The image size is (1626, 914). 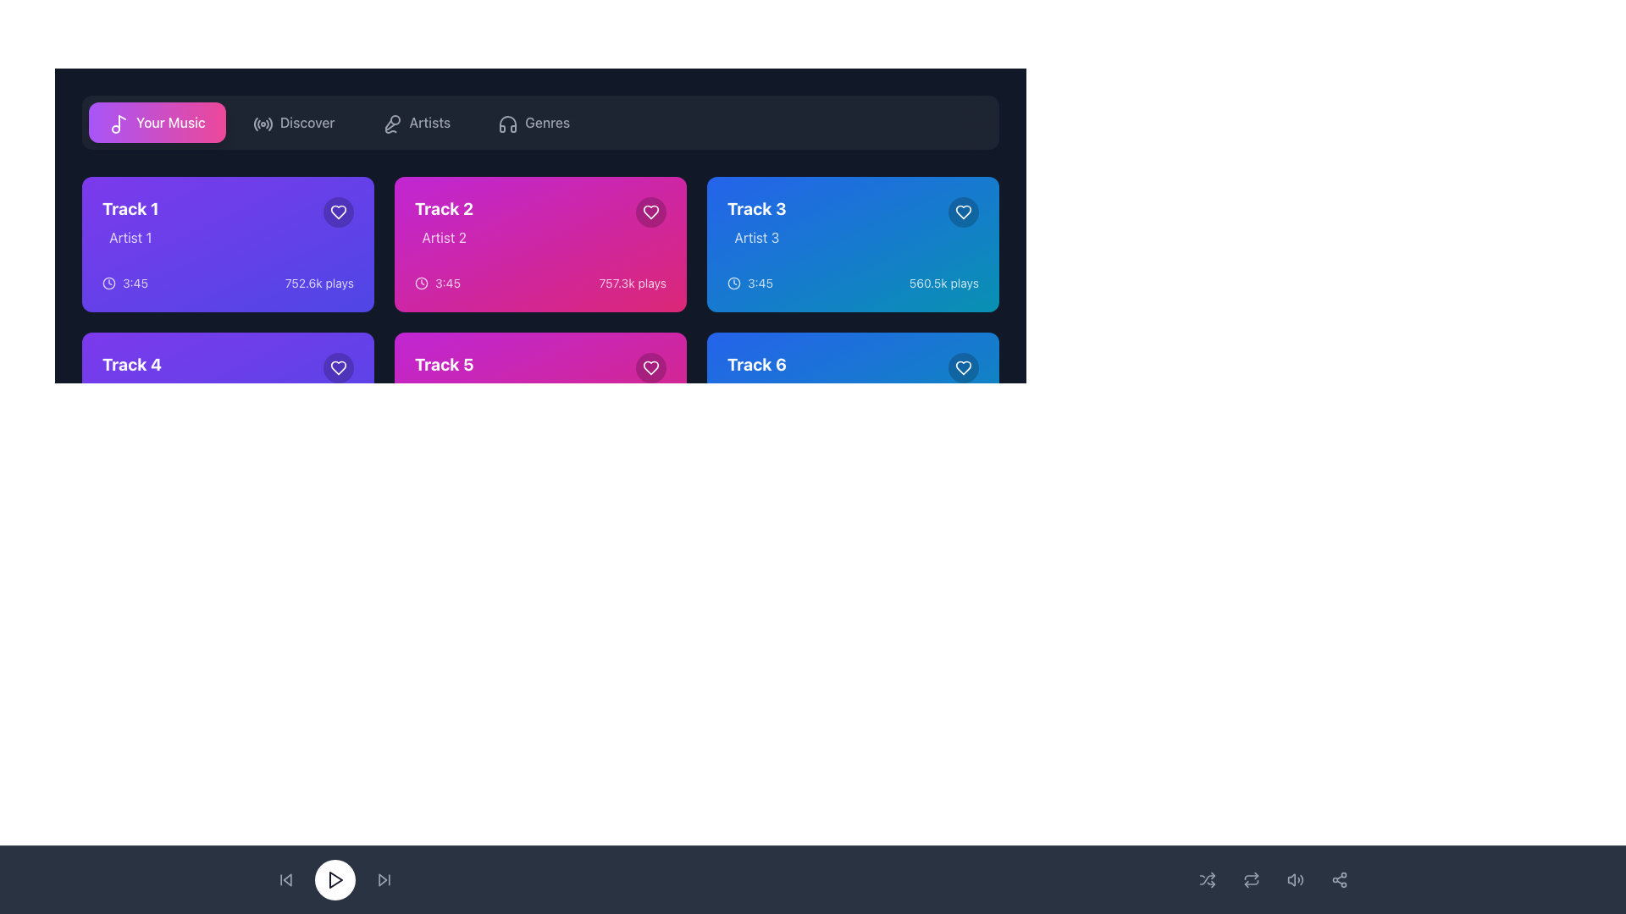 What do you see at coordinates (755, 377) in the screenshot?
I see `the text label displaying 'Track 6' in bold, large font, which is located inside the rightmost blue card in the bottom row of the grid layout` at bounding box center [755, 377].